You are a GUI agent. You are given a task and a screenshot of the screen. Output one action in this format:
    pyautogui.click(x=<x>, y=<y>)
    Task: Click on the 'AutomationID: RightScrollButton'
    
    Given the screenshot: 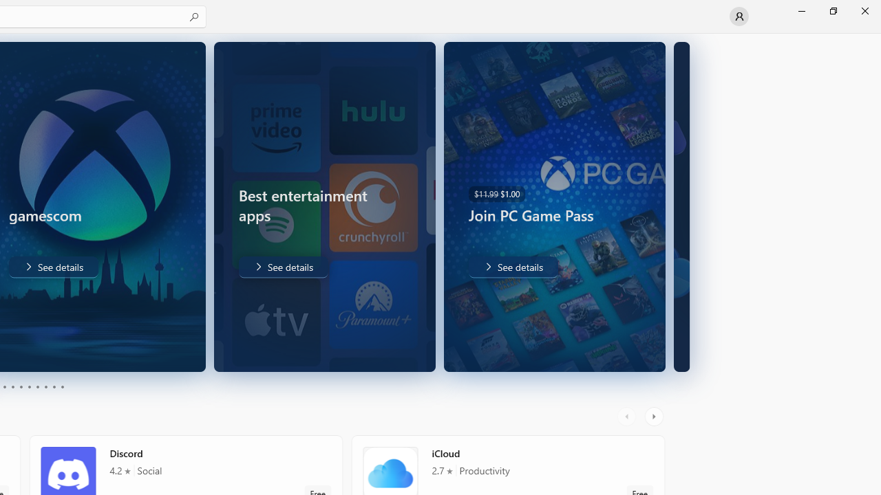 What is the action you would take?
    pyautogui.click(x=655, y=416)
    